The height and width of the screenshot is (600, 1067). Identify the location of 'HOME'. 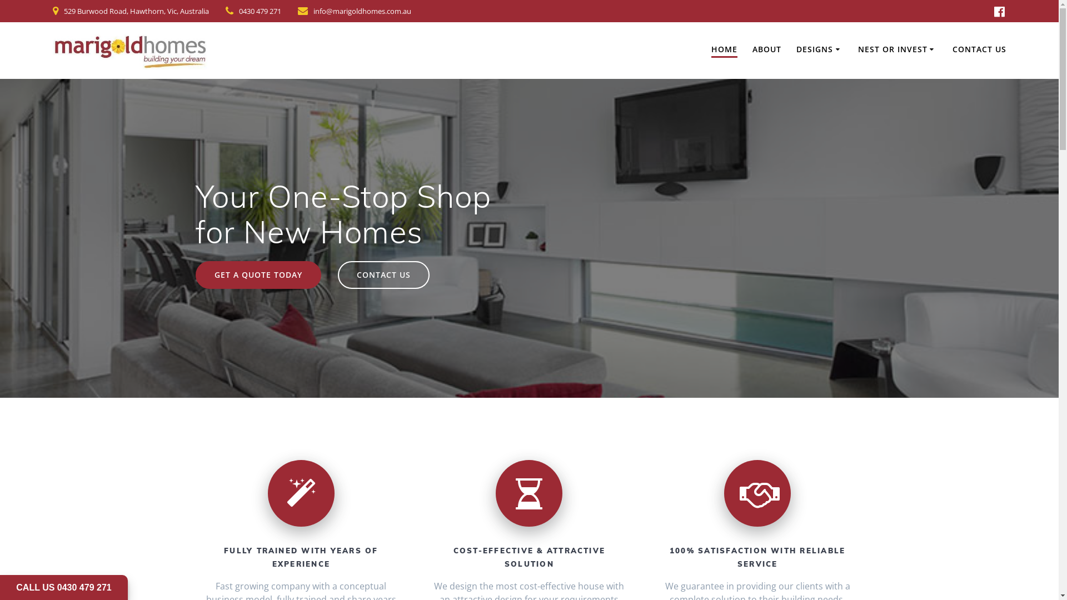
(724, 50).